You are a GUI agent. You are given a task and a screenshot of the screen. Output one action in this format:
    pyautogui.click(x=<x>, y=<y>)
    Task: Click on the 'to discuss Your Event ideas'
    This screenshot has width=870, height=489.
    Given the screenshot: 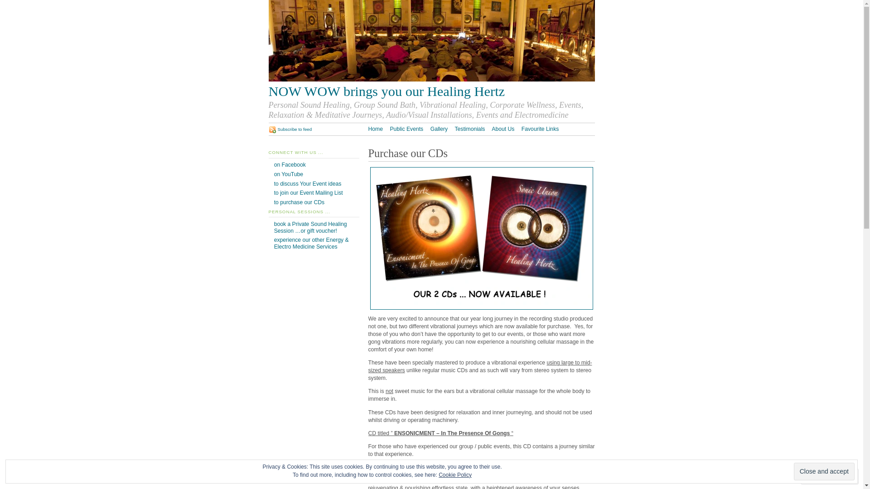 What is the action you would take?
    pyautogui.click(x=308, y=183)
    